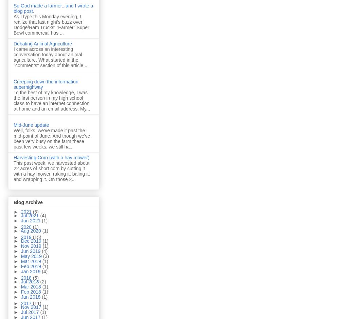  I want to click on 'Nov 2017', so click(20, 306).